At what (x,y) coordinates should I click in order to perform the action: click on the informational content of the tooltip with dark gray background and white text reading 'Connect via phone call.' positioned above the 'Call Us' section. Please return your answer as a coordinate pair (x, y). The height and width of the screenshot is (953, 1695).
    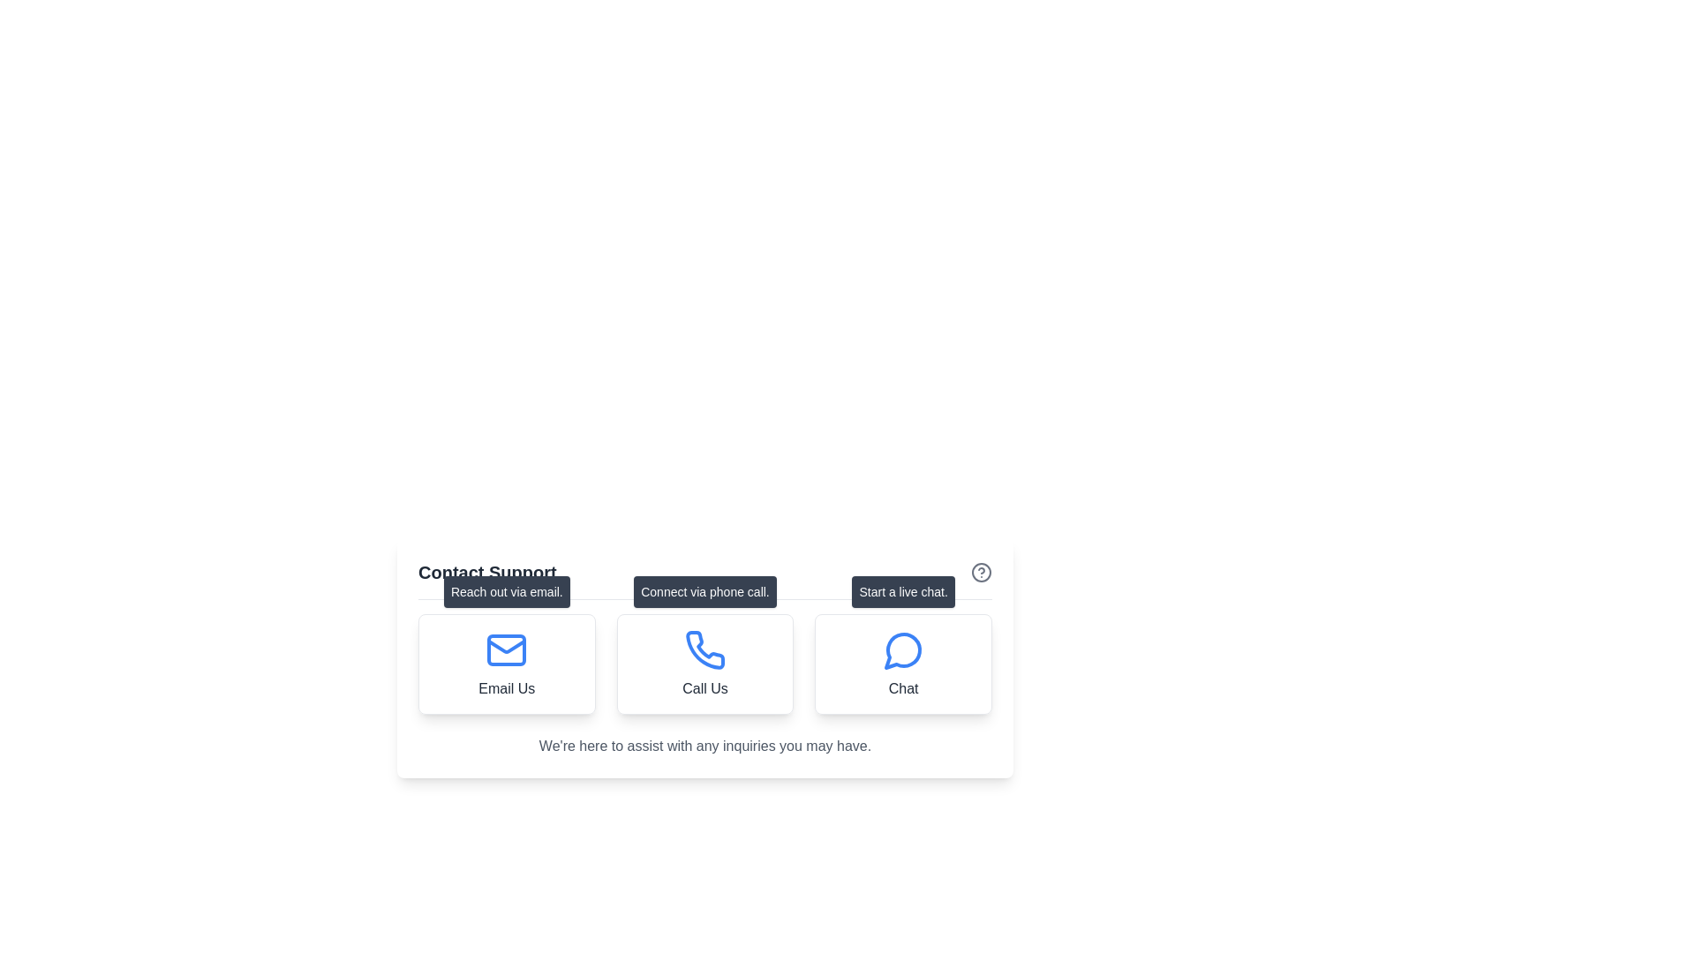
    Looking at the image, I should click on (704, 592).